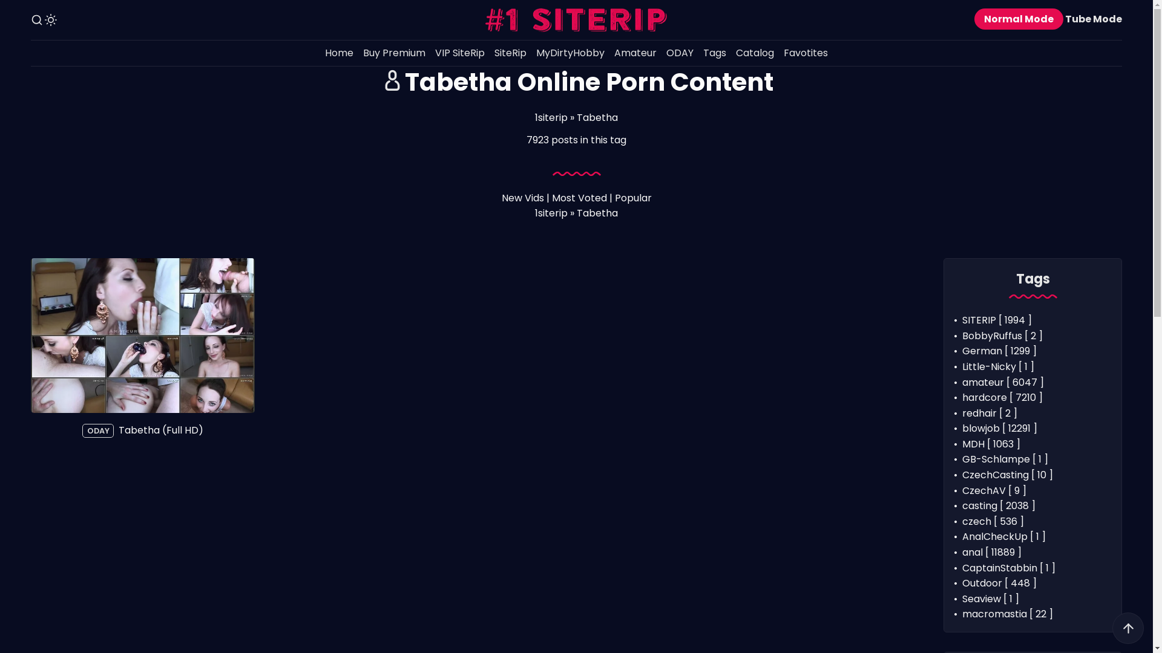  What do you see at coordinates (459, 53) in the screenshot?
I see `'VIP SiteRip'` at bounding box center [459, 53].